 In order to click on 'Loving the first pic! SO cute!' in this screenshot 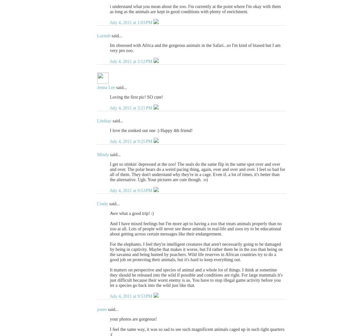, I will do `click(136, 97)`.